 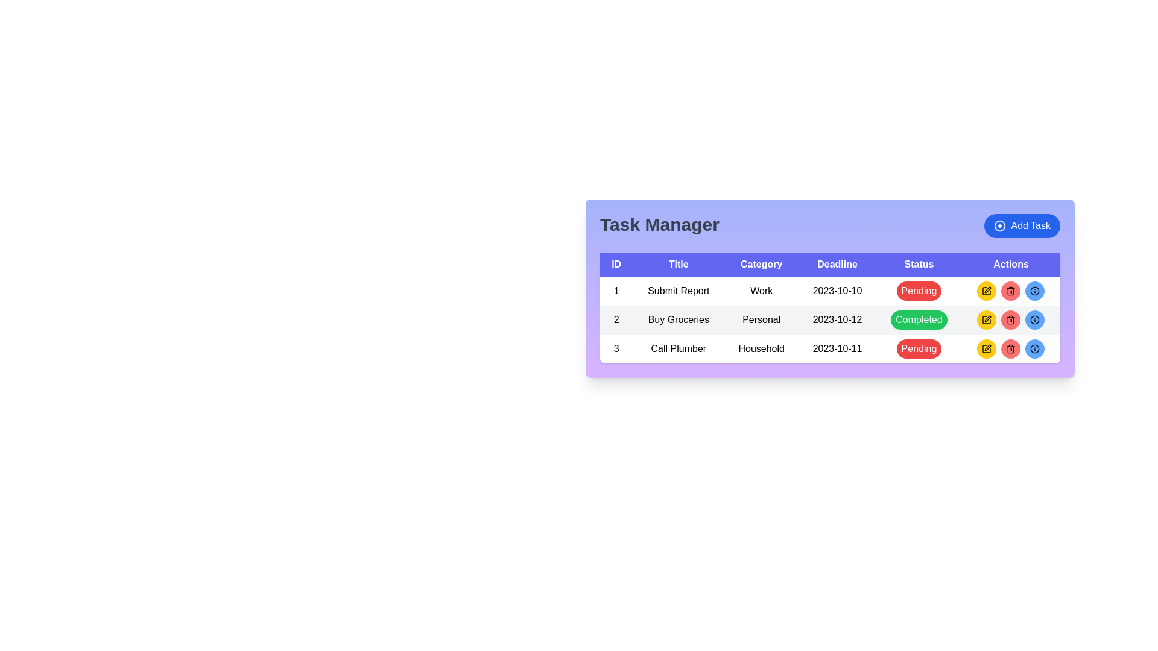 I want to click on the 'Title' text label, which is the second column header in a table, located between 'ID' and 'Category' headers, with a purple background and white bold text, so click(x=679, y=264).